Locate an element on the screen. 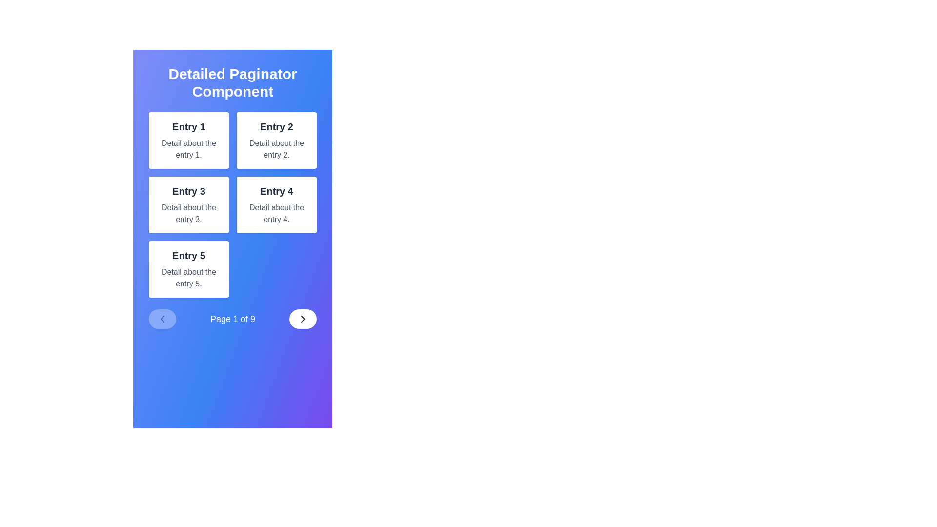  the text label reading 'Entry 5', which is a larger, bold, dark grey font positioned at the top of a card-like structure in the bottom-left quadrant of a grid is located at coordinates (189, 255).